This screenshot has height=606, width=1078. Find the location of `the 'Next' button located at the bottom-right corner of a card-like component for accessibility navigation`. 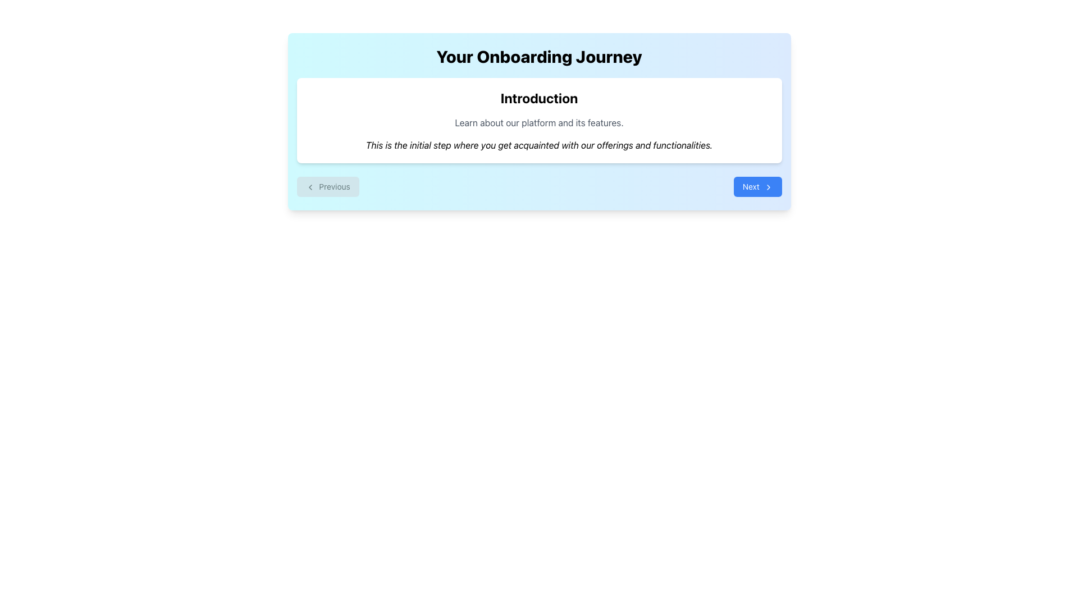

the 'Next' button located at the bottom-right corner of a card-like component for accessibility navigation is located at coordinates (757, 186).